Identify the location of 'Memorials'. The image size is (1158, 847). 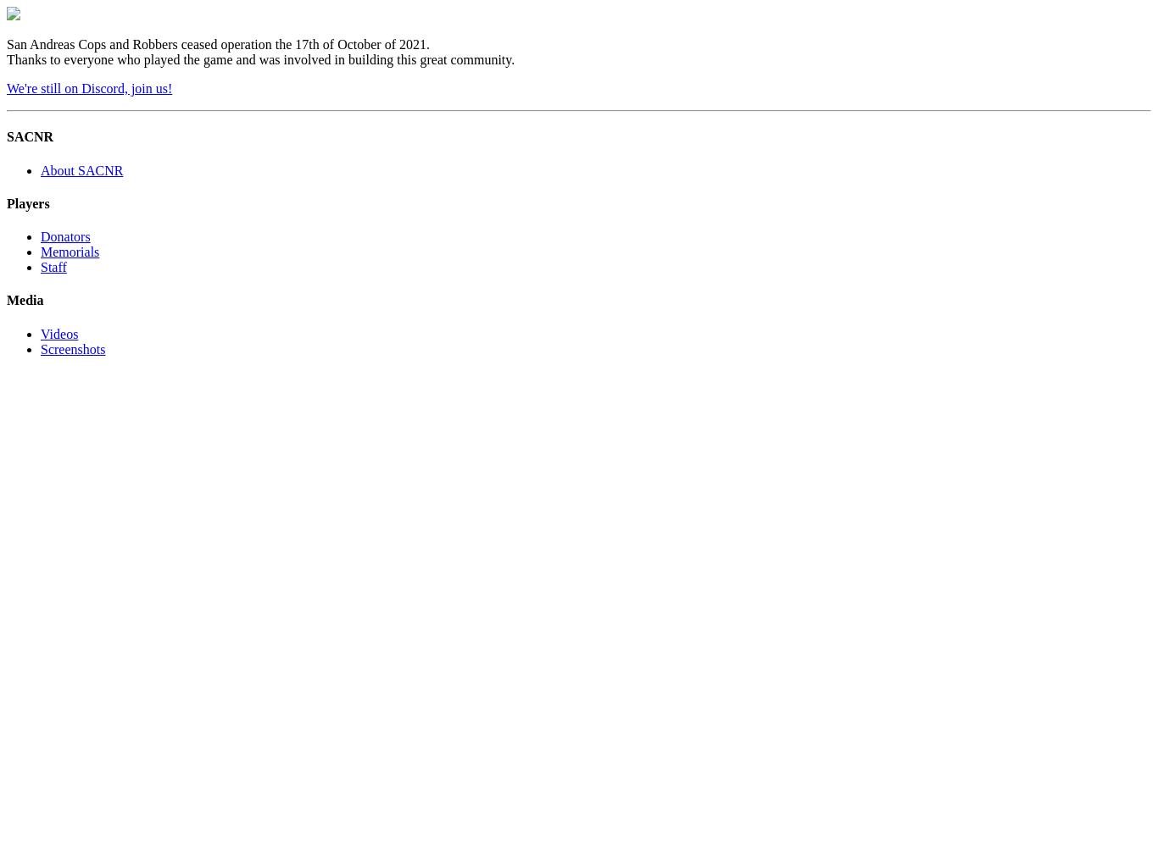
(40, 252).